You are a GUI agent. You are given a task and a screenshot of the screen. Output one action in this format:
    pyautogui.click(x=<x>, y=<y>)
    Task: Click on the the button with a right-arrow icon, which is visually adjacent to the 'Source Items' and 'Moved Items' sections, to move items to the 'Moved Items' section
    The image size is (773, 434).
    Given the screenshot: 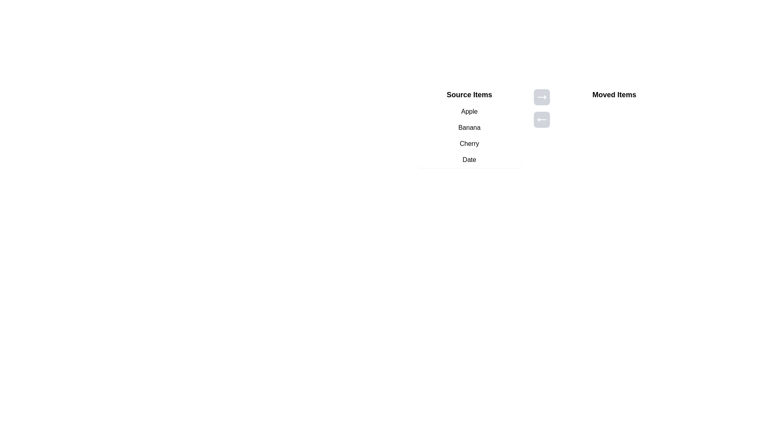 What is the action you would take?
    pyautogui.click(x=542, y=97)
    